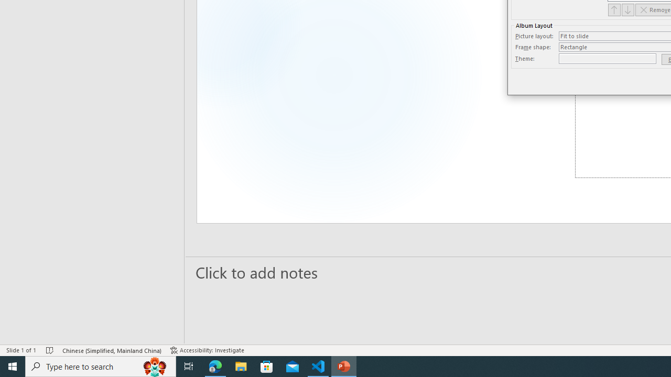 The height and width of the screenshot is (377, 671). I want to click on 'Microsoft Store', so click(267, 365).